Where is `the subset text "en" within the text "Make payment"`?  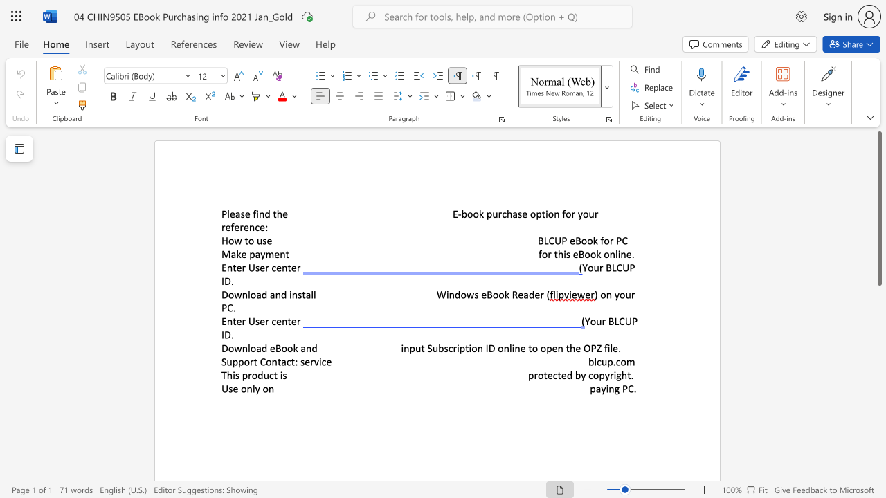 the subset text "en" within the text "Make payment" is located at coordinates (274, 254).